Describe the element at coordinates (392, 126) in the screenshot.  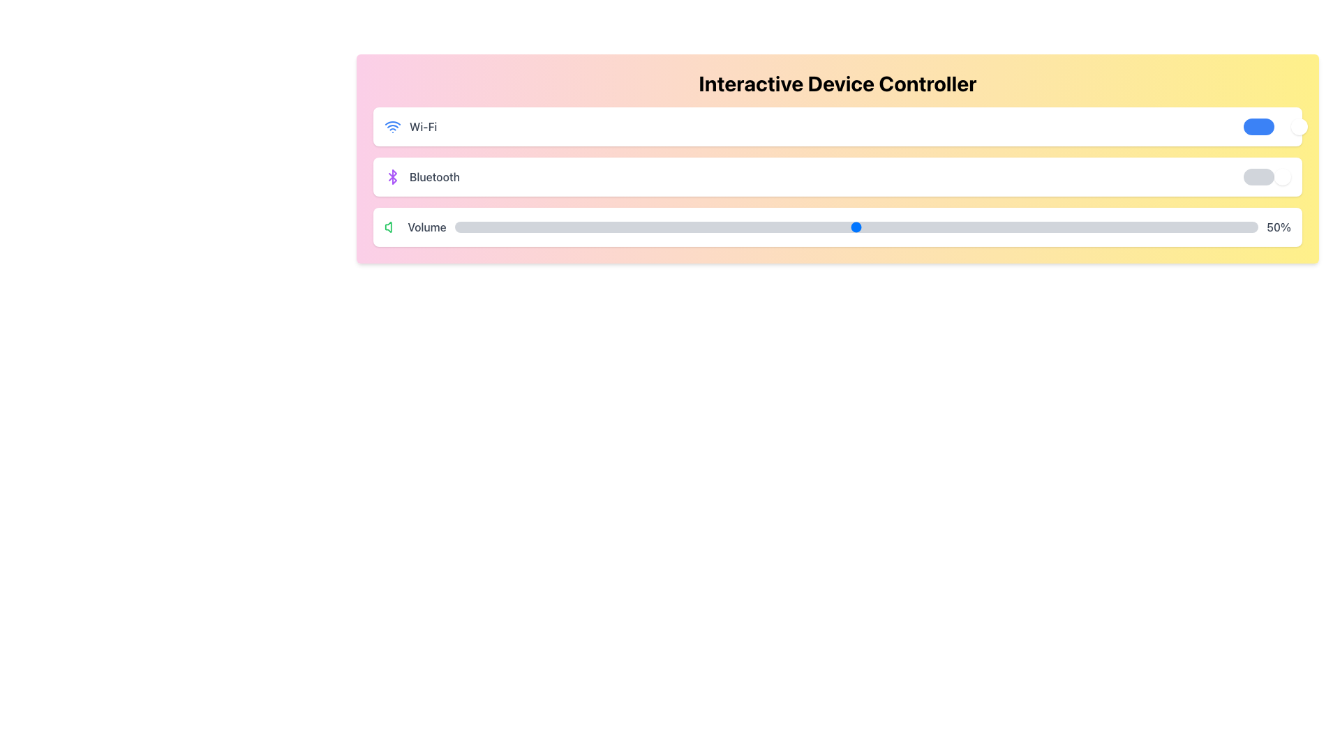
I see `the blue Wi-Fi signal icon that is positioned to the left of the 'Wi-Fi' text in the 'Interactive Device Controller' options list` at that location.